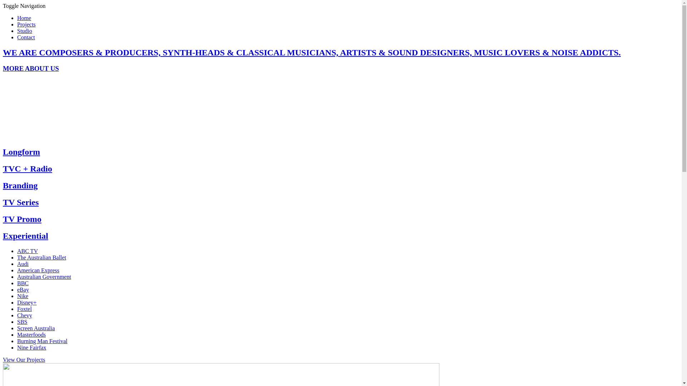 This screenshot has height=386, width=687. Describe the element at coordinates (38, 270) in the screenshot. I see `'American Express'` at that location.